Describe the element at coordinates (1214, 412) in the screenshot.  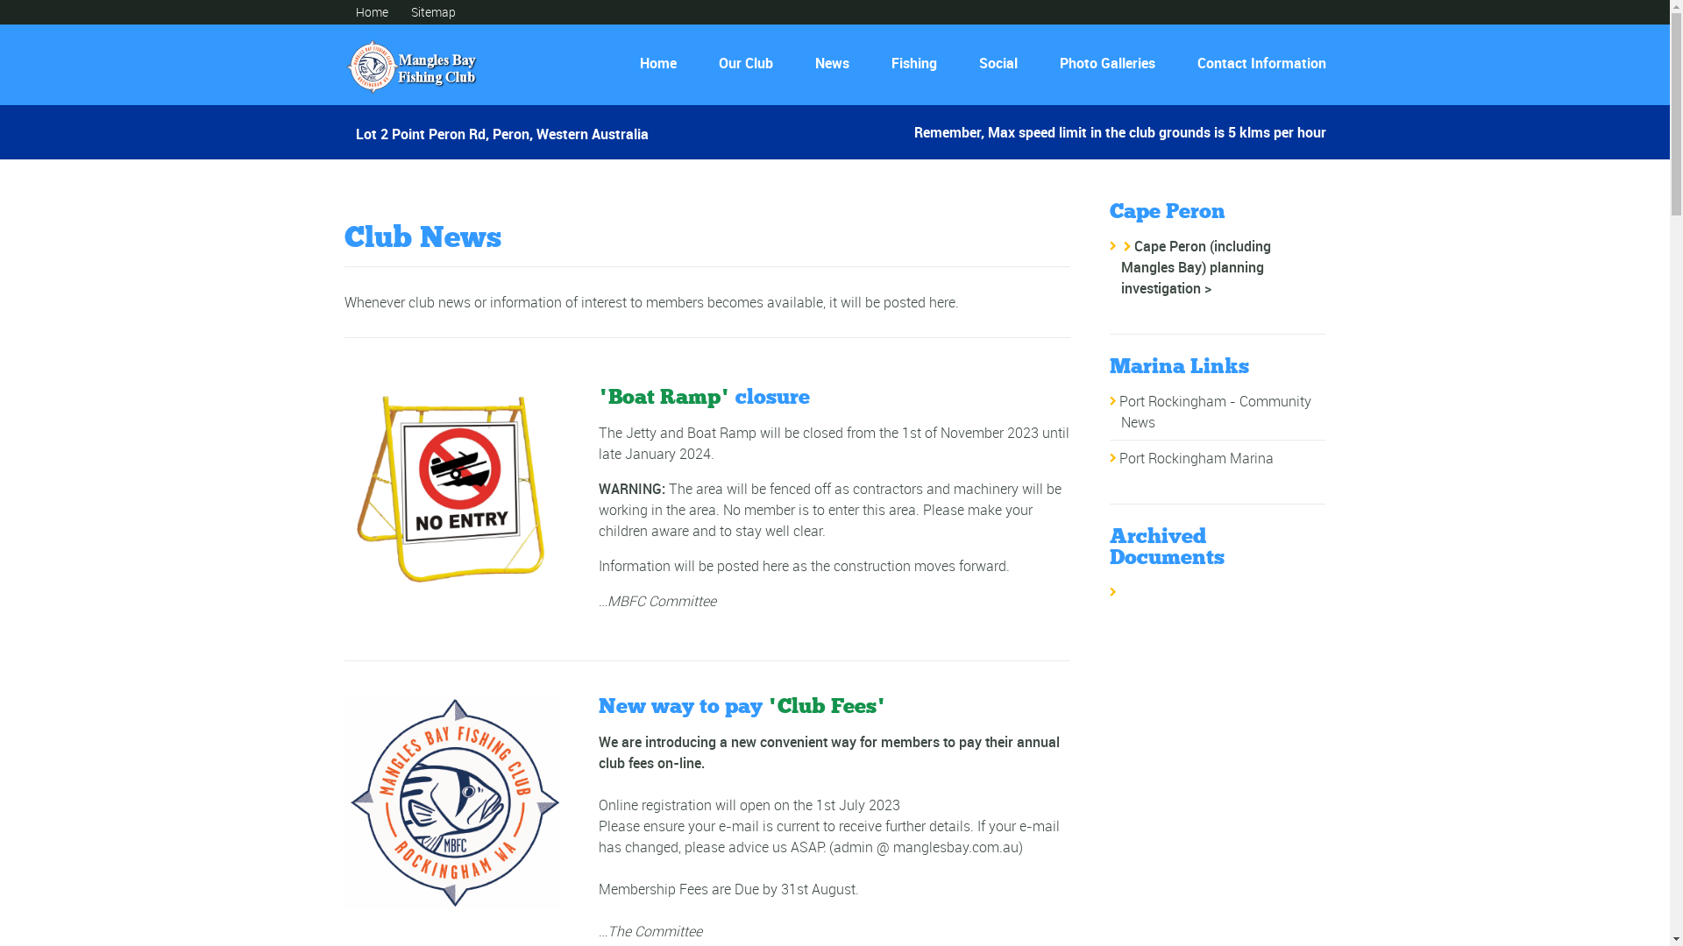
I see `'Port Rockingham - Community News'` at that location.